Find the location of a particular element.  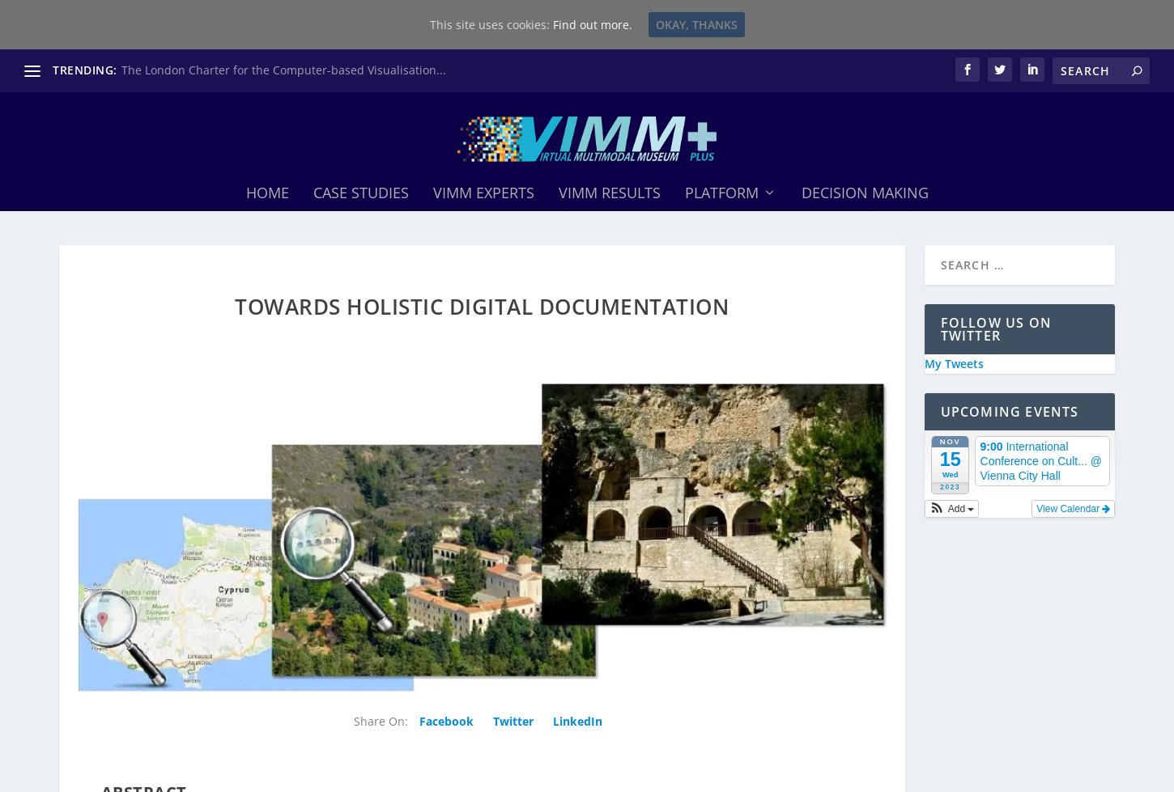

'The London Charter for the Computer-based Visualisation...' is located at coordinates (283, 70).